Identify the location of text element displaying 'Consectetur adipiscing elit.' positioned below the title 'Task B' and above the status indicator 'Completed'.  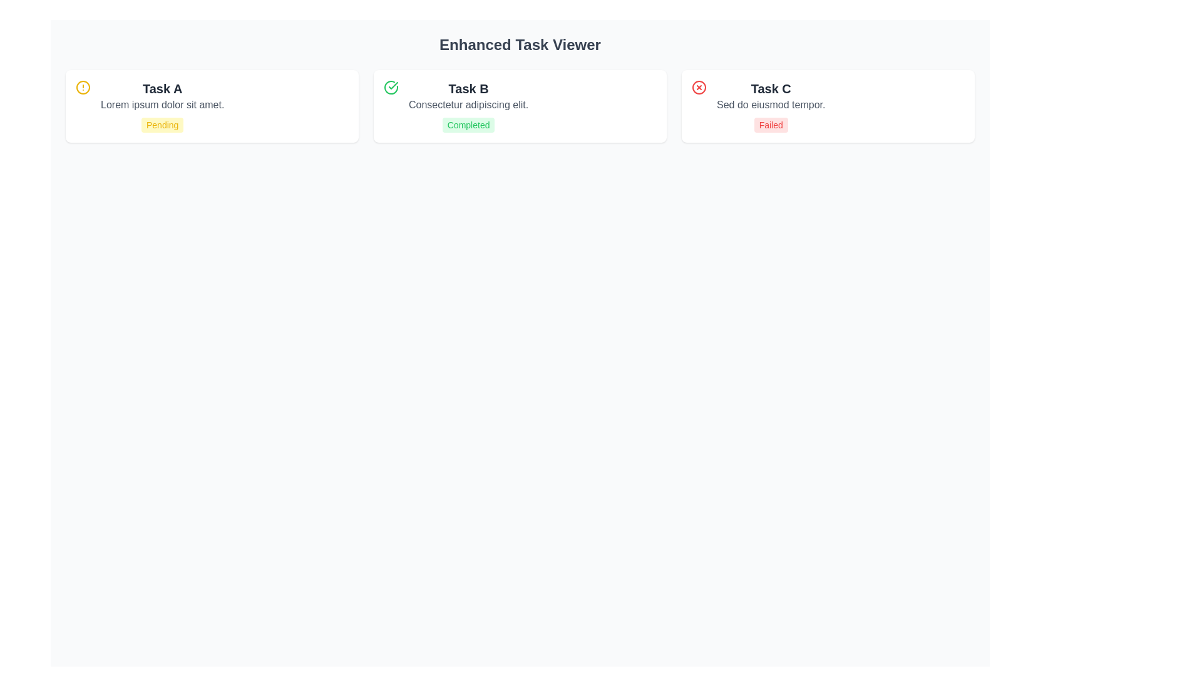
(468, 105).